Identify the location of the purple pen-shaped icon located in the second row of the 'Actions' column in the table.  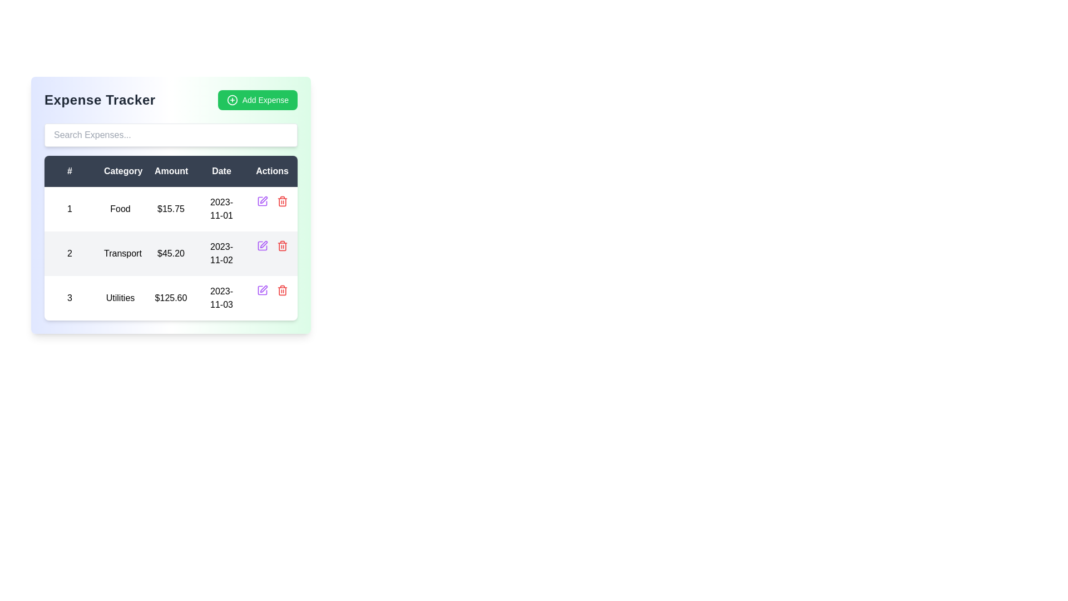
(261, 201).